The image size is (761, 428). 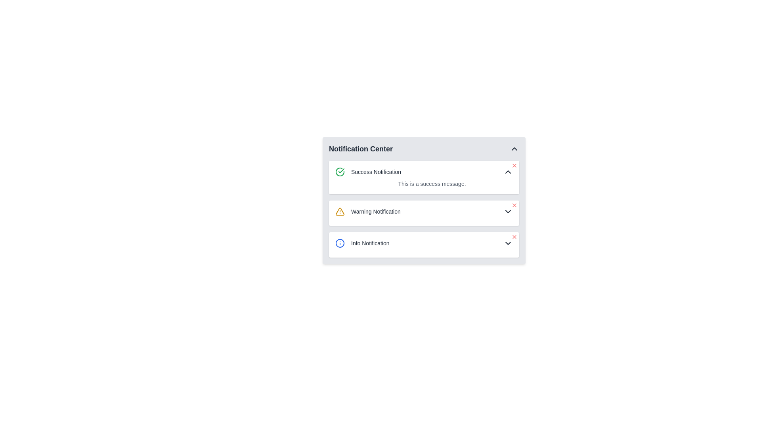 I want to click on the 'Info Notification' text label, so click(x=370, y=243).